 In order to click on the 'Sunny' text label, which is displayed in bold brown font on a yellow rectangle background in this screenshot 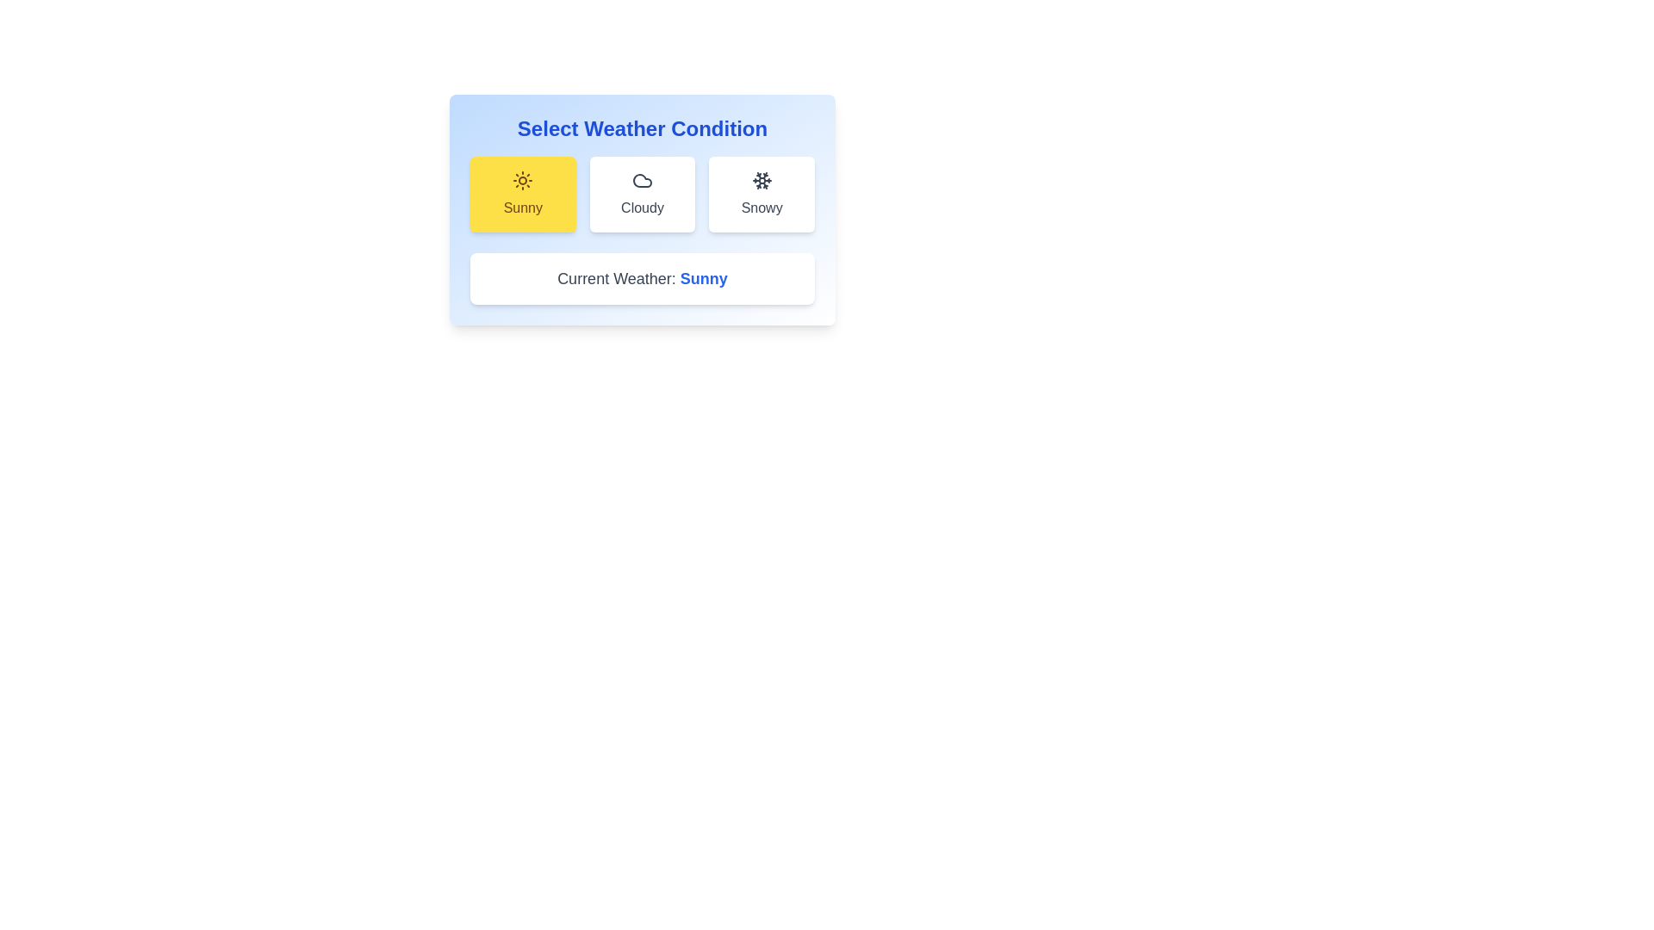, I will do `click(521, 208)`.